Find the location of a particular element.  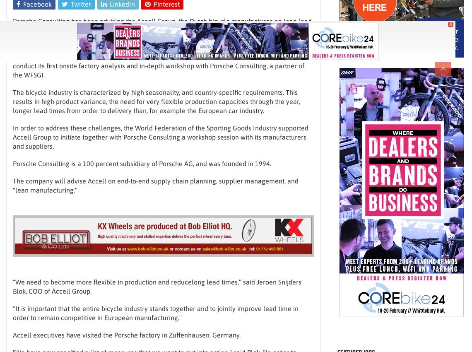

'“It is important that the entire bicycle industry stands together and to jointly improve lead time in order to remain competitive in European manufacturing."' is located at coordinates (155, 313).